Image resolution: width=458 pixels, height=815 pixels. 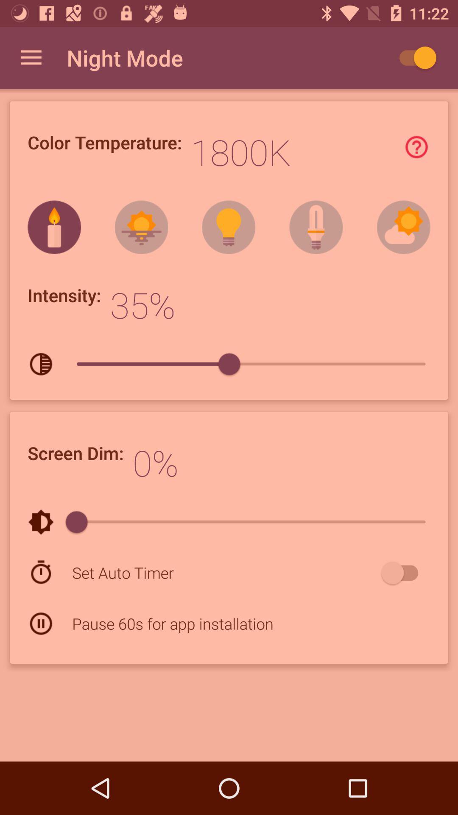 I want to click on click the auto play, so click(x=413, y=57).